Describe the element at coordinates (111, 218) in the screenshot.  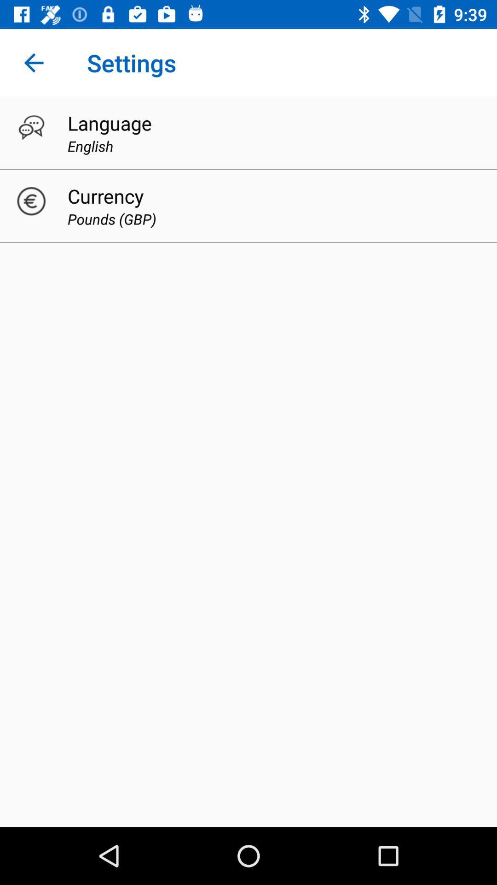
I see `the pounds (gbp) icon` at that location.